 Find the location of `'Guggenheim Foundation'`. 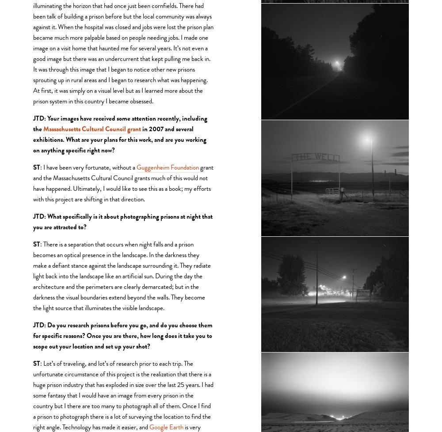

'Guggenheim Foundation' is located at coordinates (168, 166).